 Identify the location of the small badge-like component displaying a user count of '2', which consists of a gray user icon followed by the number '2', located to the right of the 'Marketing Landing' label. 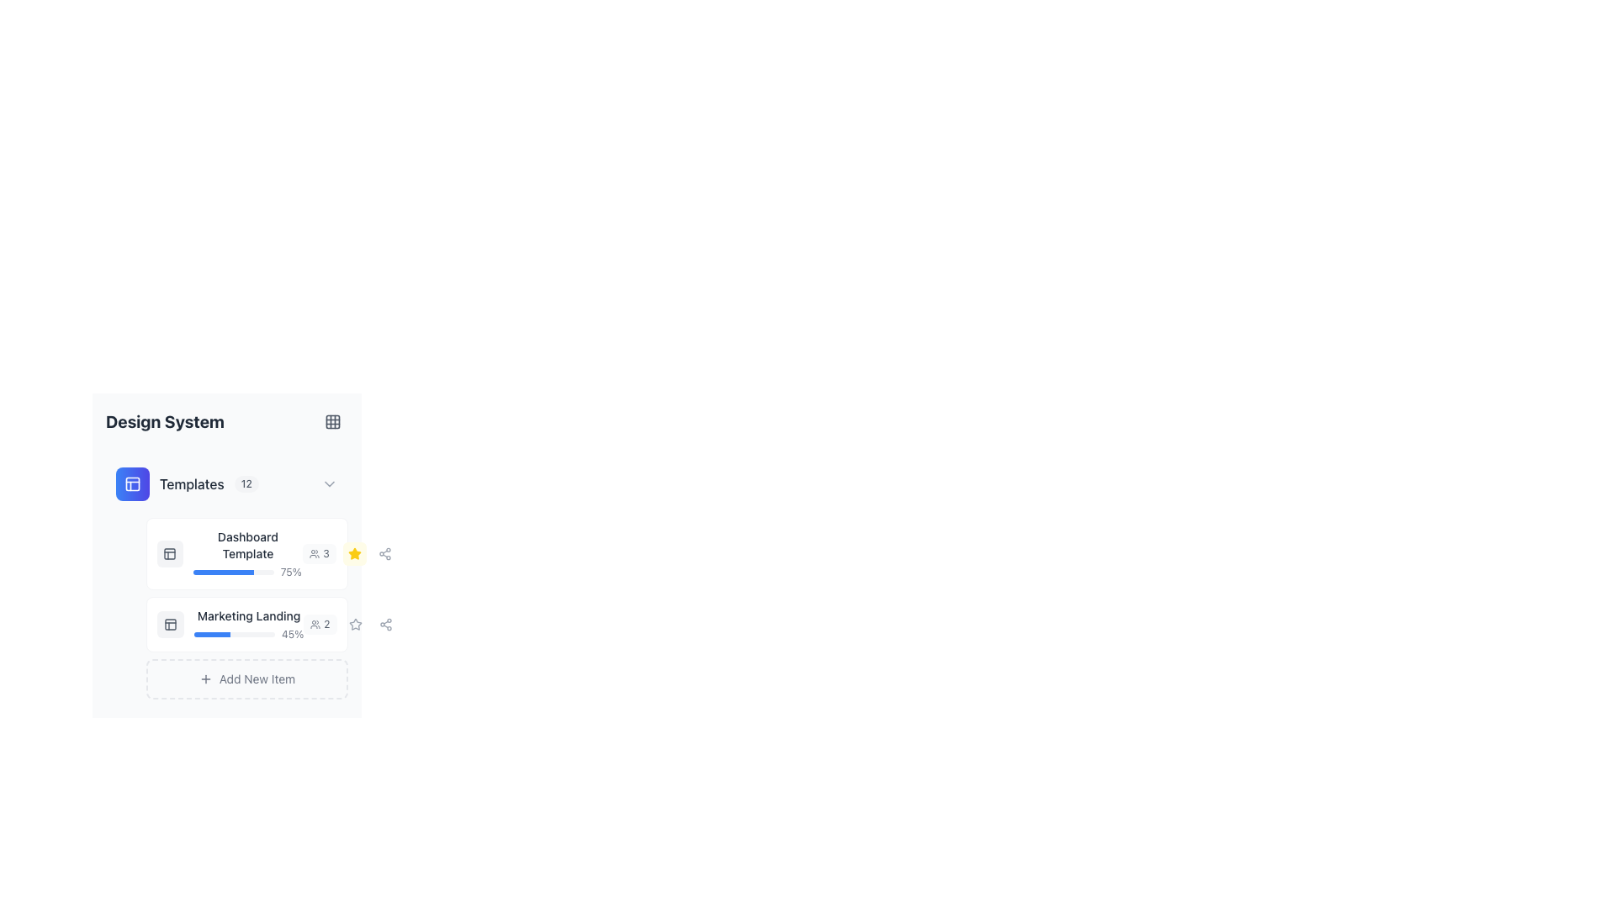
(320, 625).